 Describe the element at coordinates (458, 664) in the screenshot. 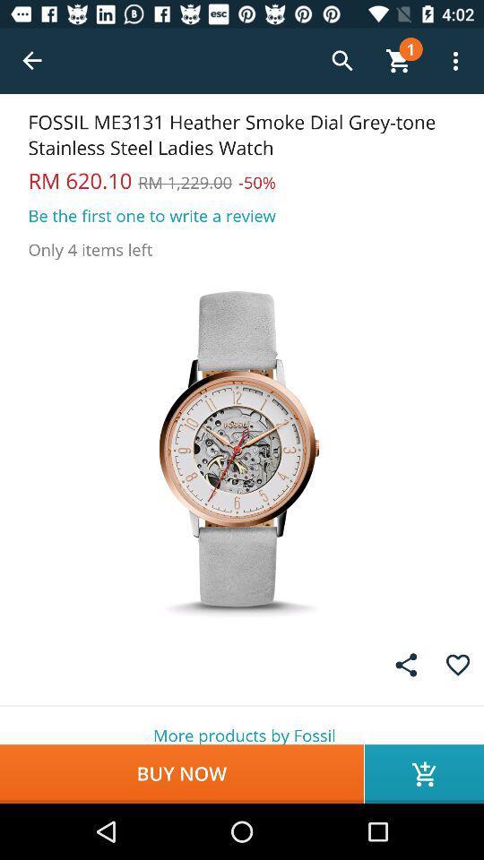

I see `the favorite icon` at that location.